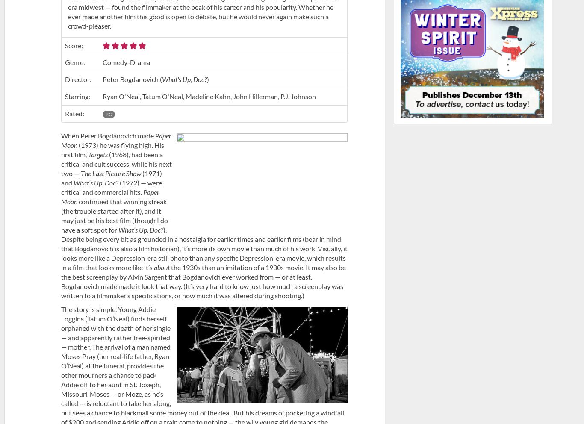  I want to click on 'Rated:', so click(74, 112).